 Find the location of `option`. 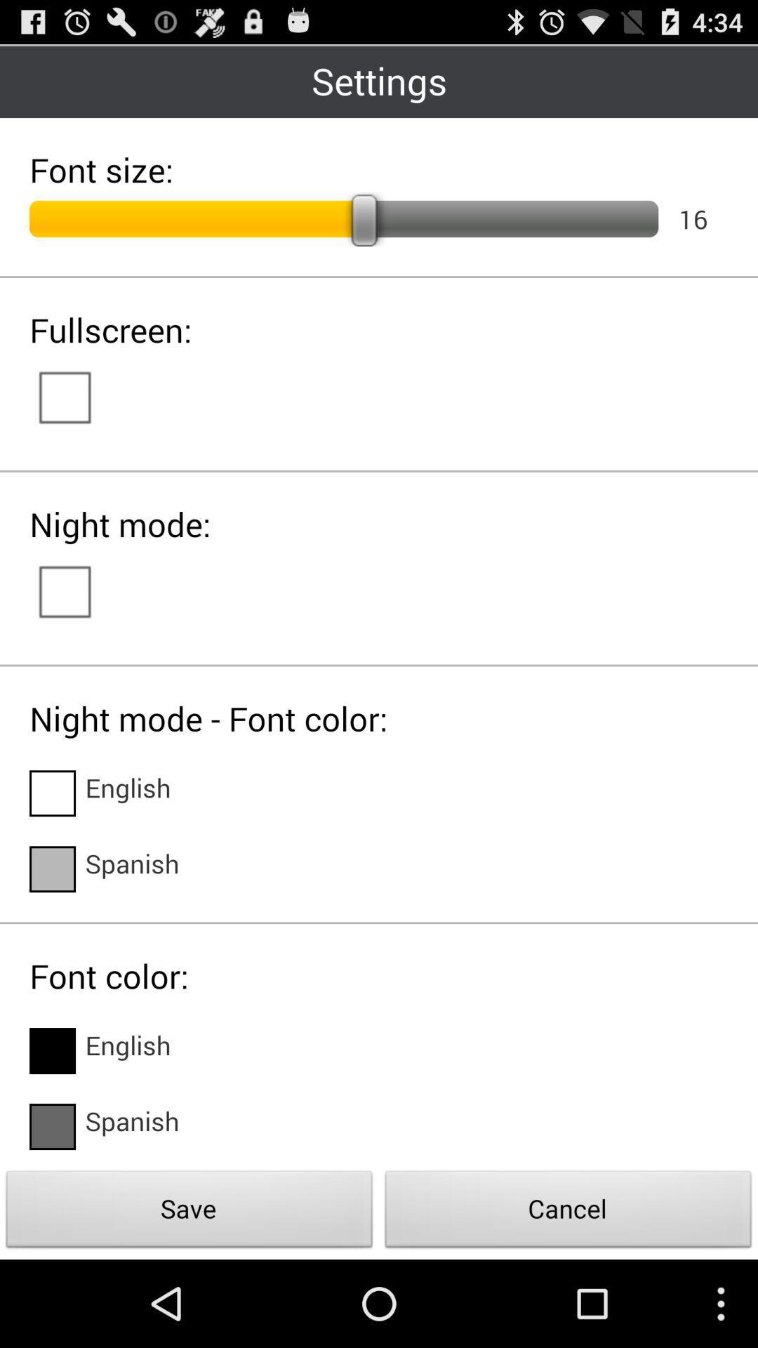

option is located at coordinates (79, 590).